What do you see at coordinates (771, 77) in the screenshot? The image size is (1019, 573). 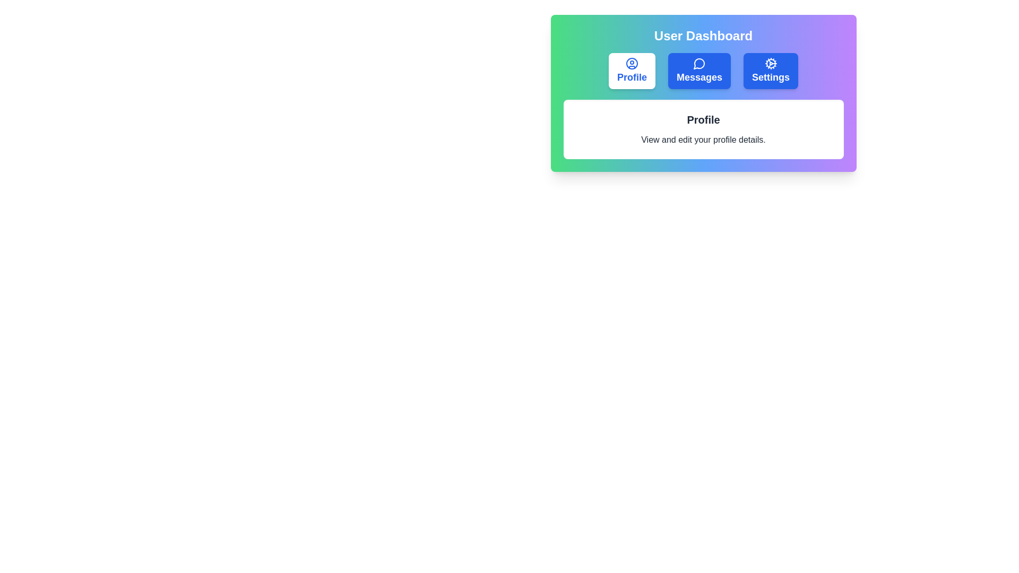 I see `the 'Settings' label, which is styled in bold sans-serif font and positioned on a blue rectangular background, located in the rightmost option of a horizontally aligned toolbar` at bounding box center [771, 77].